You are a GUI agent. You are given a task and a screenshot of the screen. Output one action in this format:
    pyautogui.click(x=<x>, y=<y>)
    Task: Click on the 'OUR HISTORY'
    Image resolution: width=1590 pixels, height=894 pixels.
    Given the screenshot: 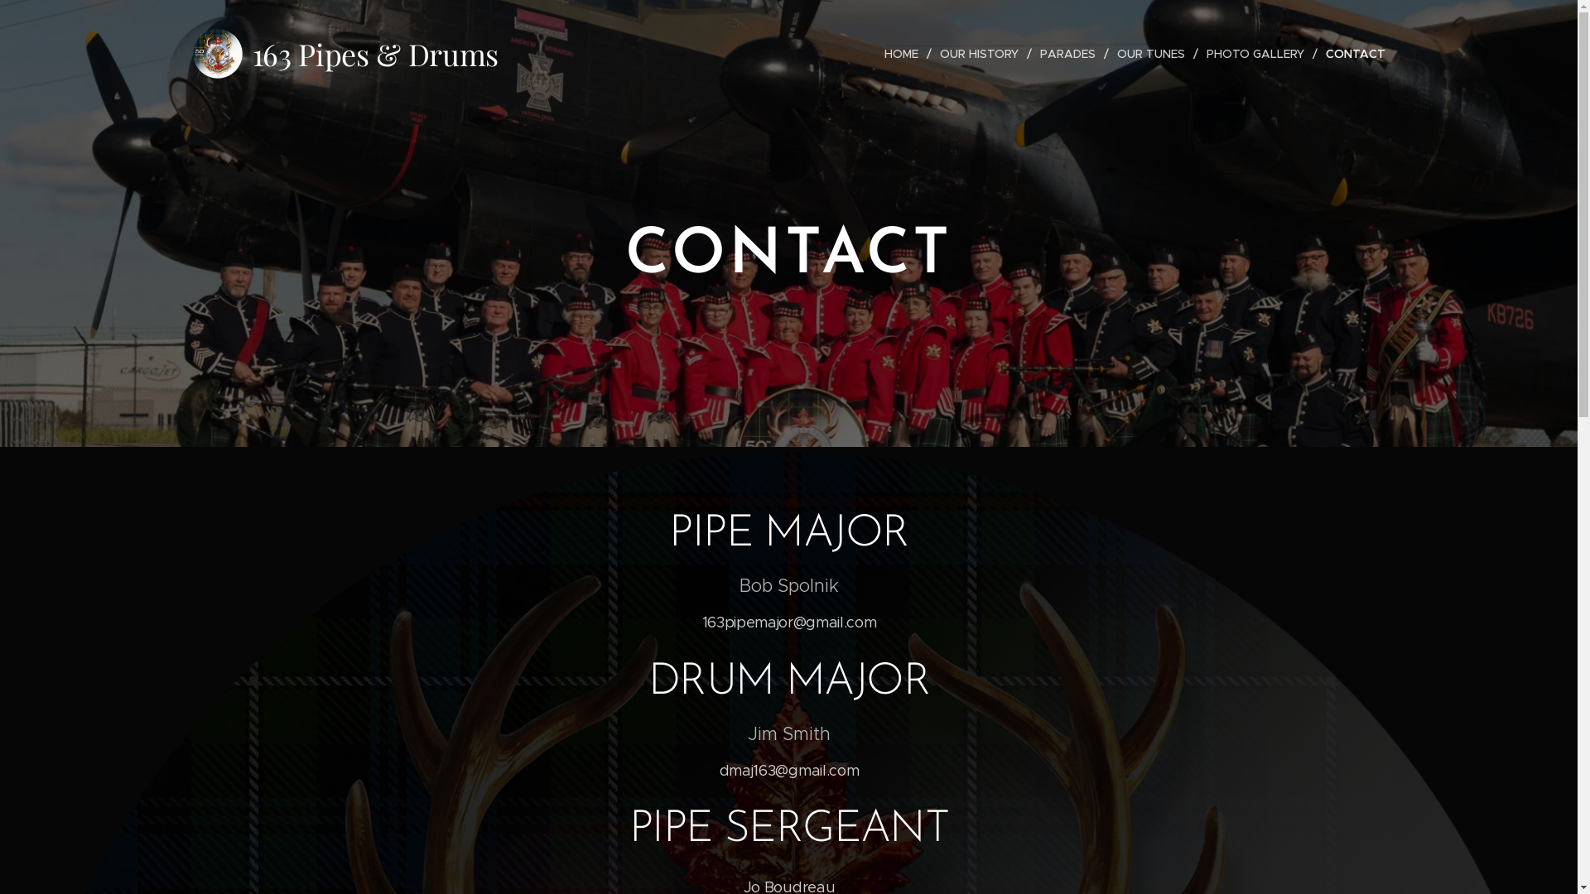 What is the action you would take?
    pyautogui.click(x=980, y=53)
    